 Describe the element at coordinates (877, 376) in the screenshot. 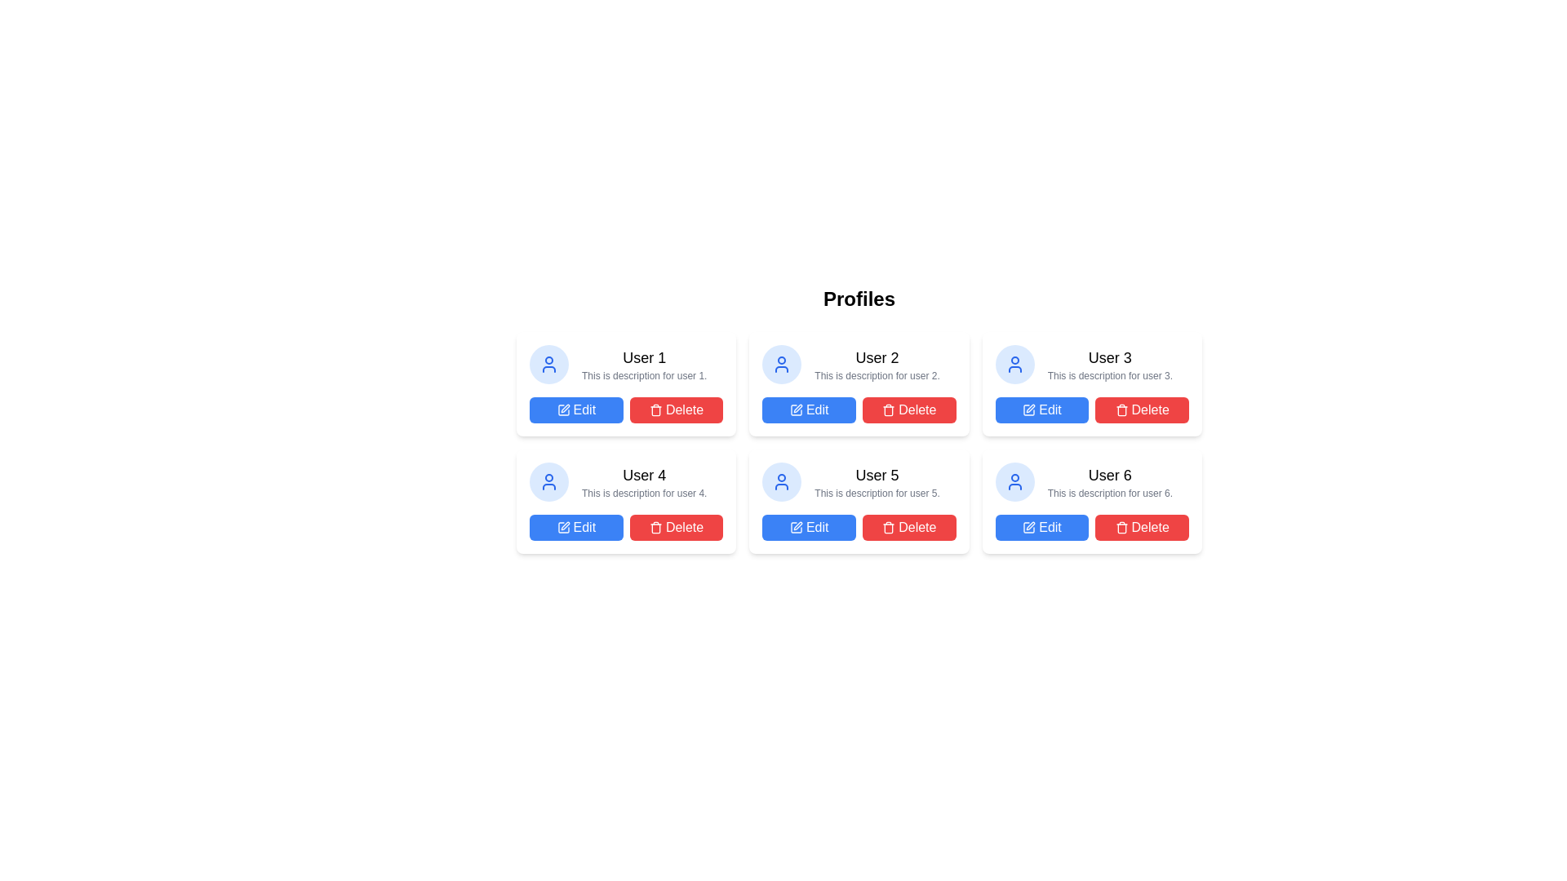

I see `the small gray text label that reads 'This is description for user 2.' positioned directly below the bold title 'User 2' in the card for 'User 2'` at that location.